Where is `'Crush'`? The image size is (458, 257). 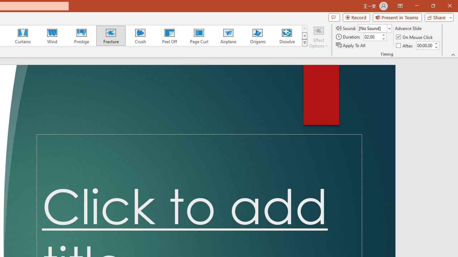 'Crush' is located at coordinates (140, 36).